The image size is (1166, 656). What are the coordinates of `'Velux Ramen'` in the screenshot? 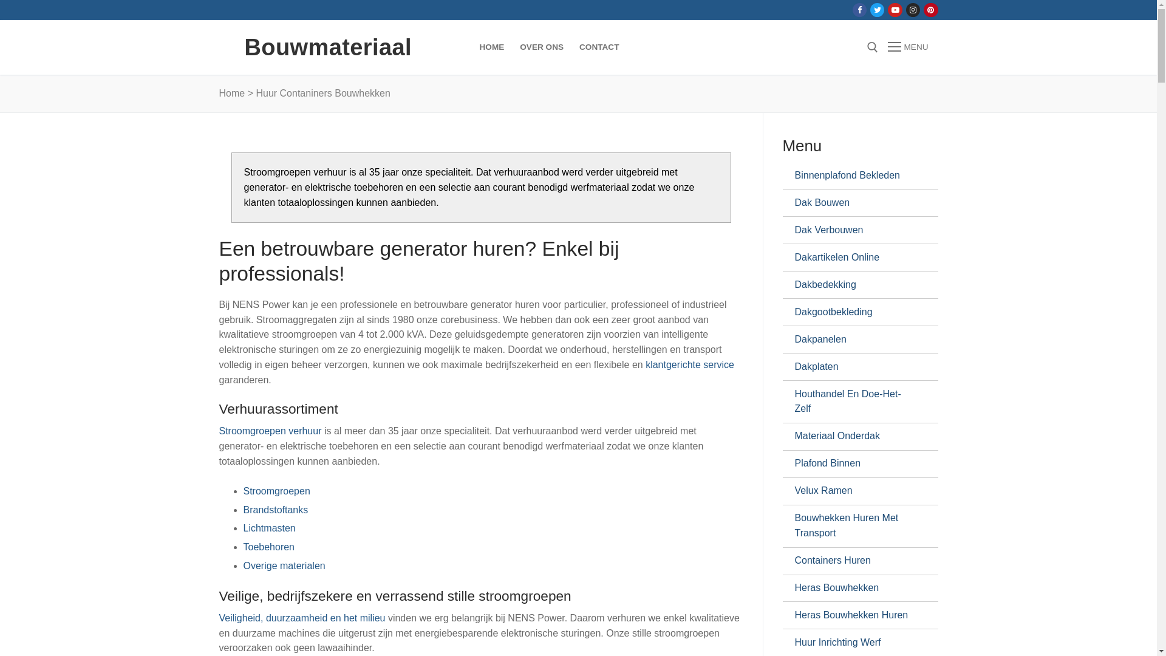 It's located at (854, 491).